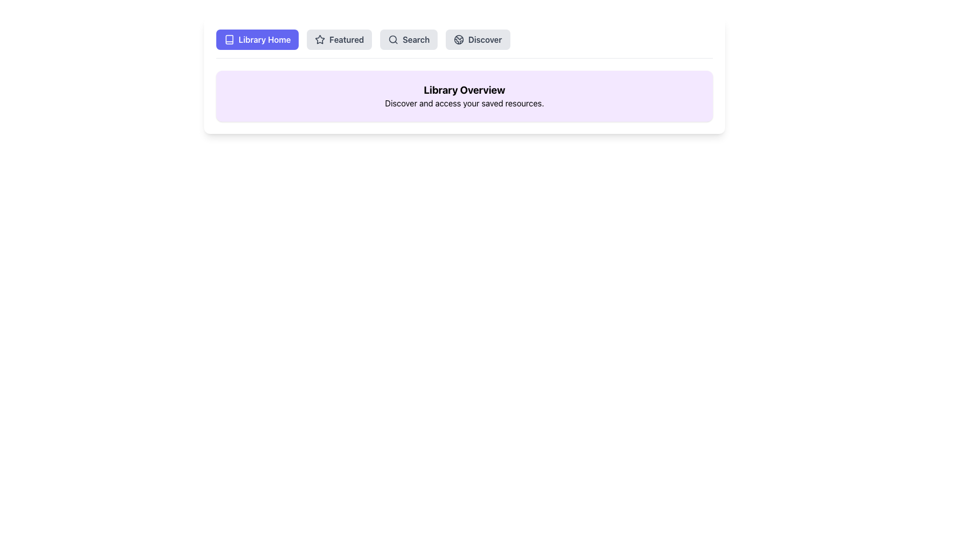  Describe the element at coordinates (229, 39) in the screenshot. I see `the SVG graphical element located in the header section, specifically to the left of the 'Library Home' label, which visually complements the button for navigation` at that location.